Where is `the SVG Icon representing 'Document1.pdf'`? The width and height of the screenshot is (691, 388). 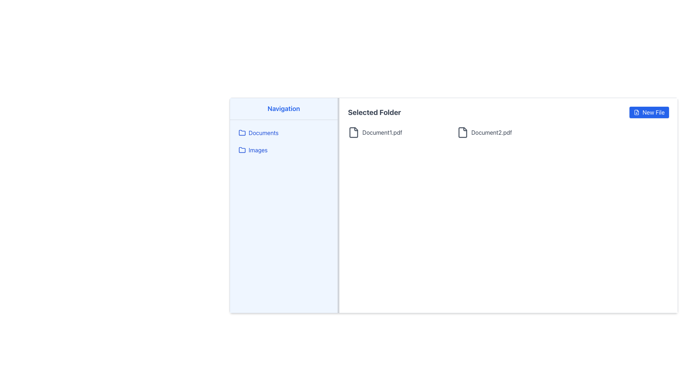 the SVG Icon representing 'Document1.pdf' is located at coordinates (354, 133).